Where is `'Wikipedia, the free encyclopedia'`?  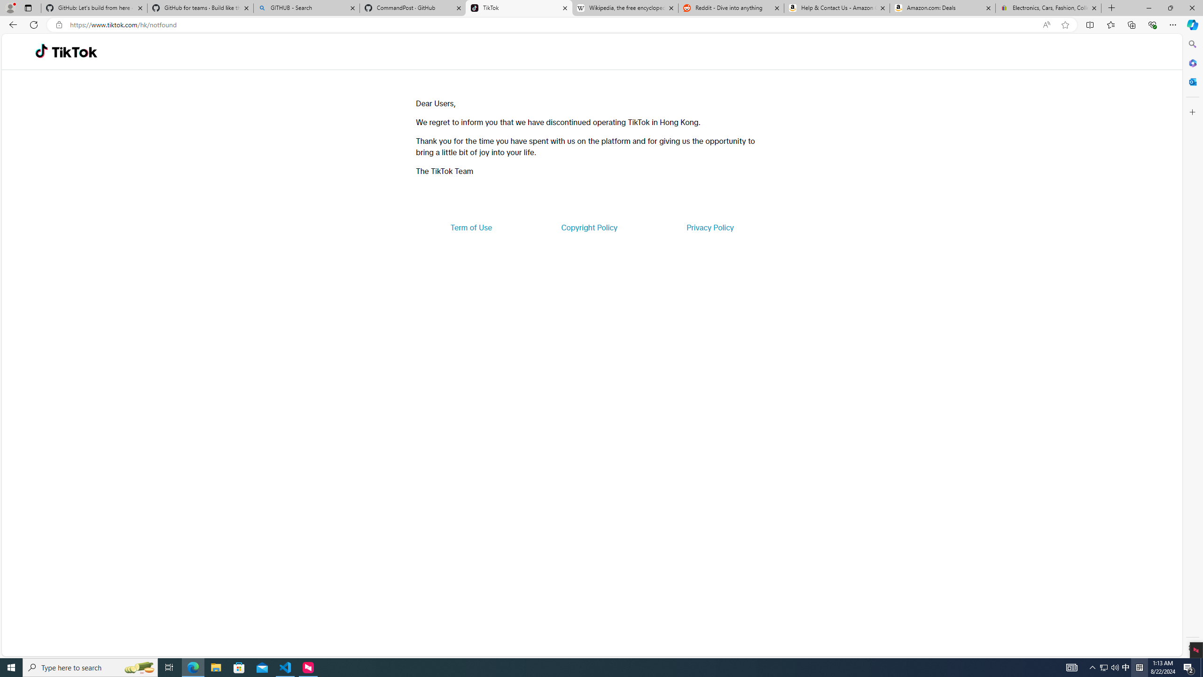
'Wikipedia, the free encyclopedia' is located at coordinates (624, 8).